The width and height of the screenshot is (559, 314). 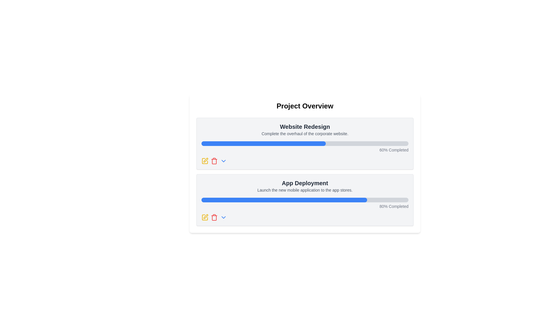 What do you see at coordinates (205, 161) in the screenshot?
I see `the square icon with a yellow outline and a pen icon, located below the 'Website Redesign' header, next to the progress bar` at bounding box center [205, 161].